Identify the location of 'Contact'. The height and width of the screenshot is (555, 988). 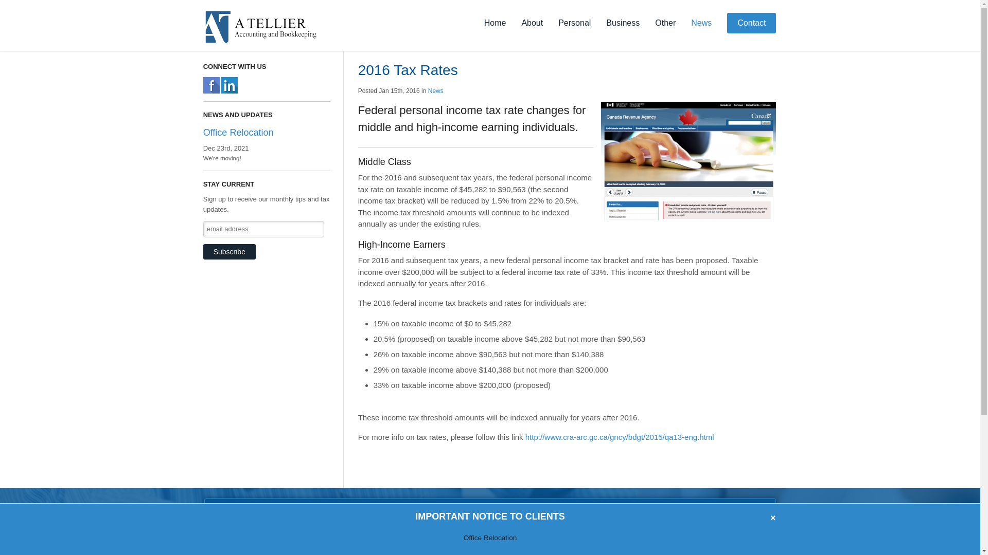
(751, 23).